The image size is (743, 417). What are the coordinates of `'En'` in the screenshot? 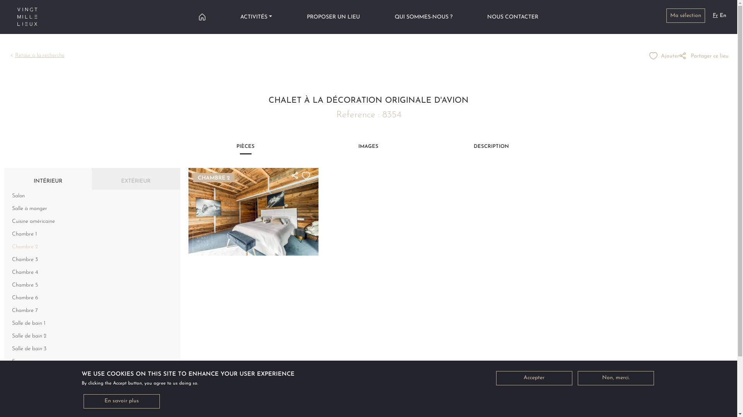 It's located at (722, 15).